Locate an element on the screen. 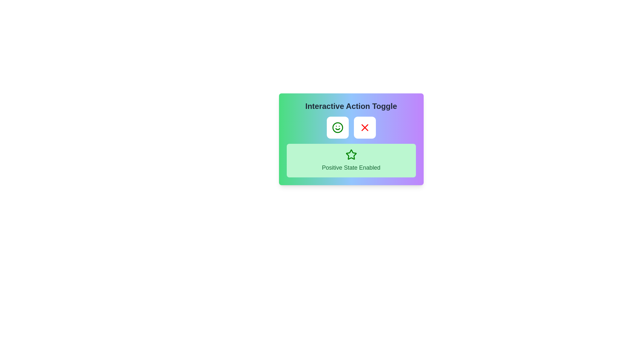 This screenshot has width=620, height=349. the cross button on the toggle switch is located at coordinates (351, 127).